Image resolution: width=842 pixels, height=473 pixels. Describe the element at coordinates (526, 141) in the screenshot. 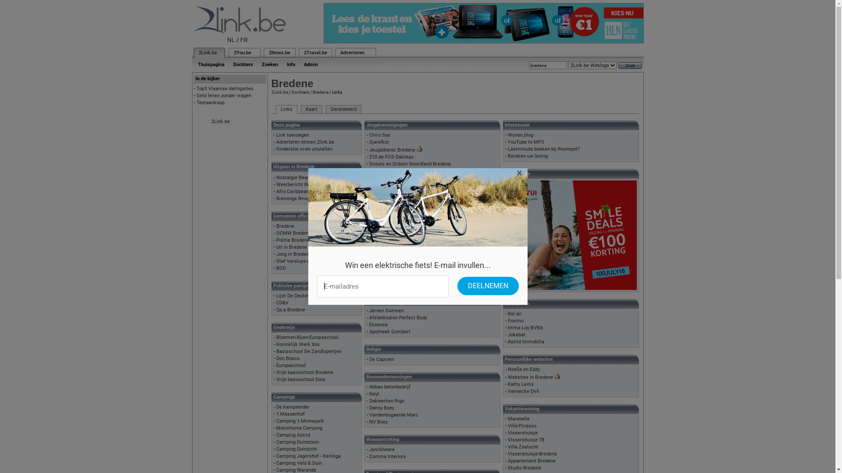

I see `'YouTube to MP3'` at that location.